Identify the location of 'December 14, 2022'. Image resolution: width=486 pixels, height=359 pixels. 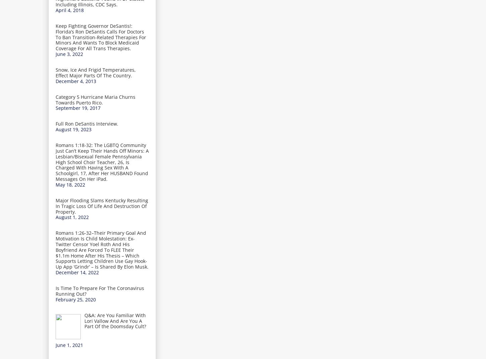
(77, 272).